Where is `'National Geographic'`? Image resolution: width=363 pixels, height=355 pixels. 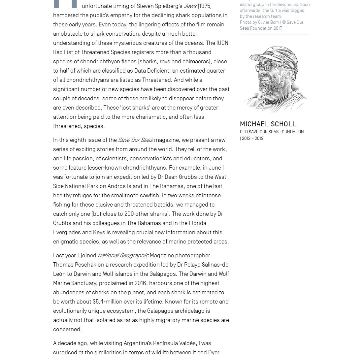
'National Geographic' is located at coordinates (123, 255).